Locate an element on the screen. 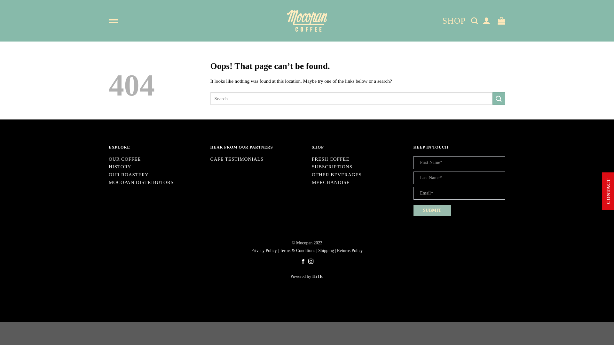  'Terms & Conditions' is located at coordinates (297, 250).